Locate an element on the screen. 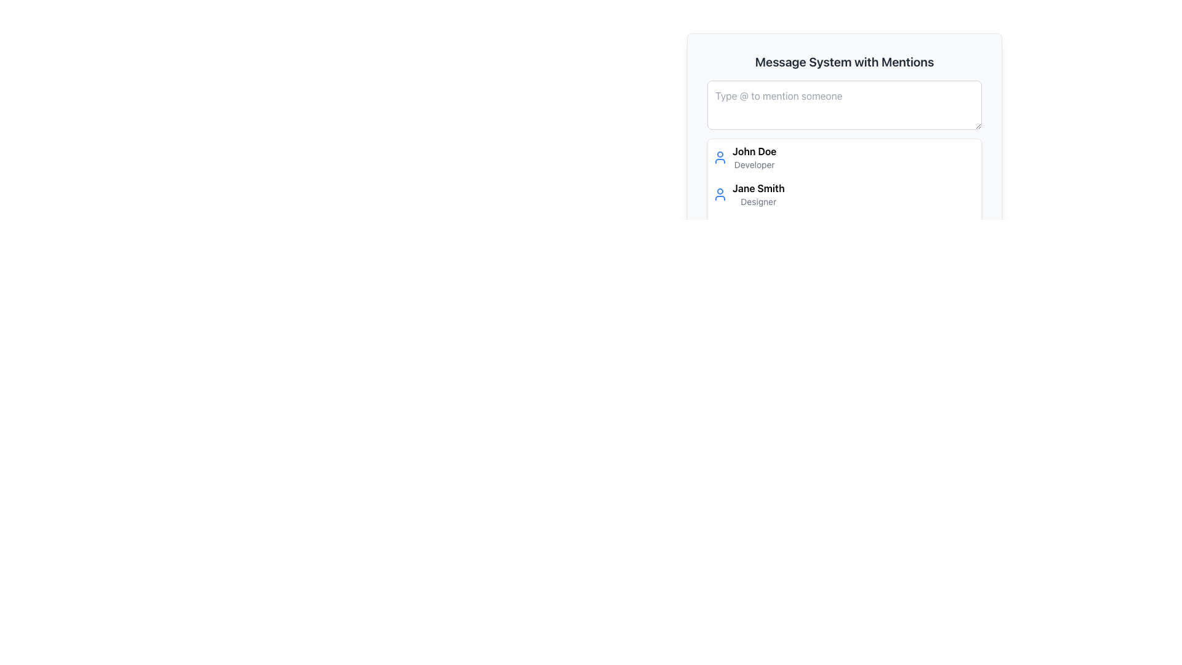 This screenshot has height=665, width=1182. text displayed for the user 'Jane Smith', who is identified as a 'Designer', located to the right of the user icon in the second entry of the 'Message System with Mentions' section is located at coordinates (758, 194).